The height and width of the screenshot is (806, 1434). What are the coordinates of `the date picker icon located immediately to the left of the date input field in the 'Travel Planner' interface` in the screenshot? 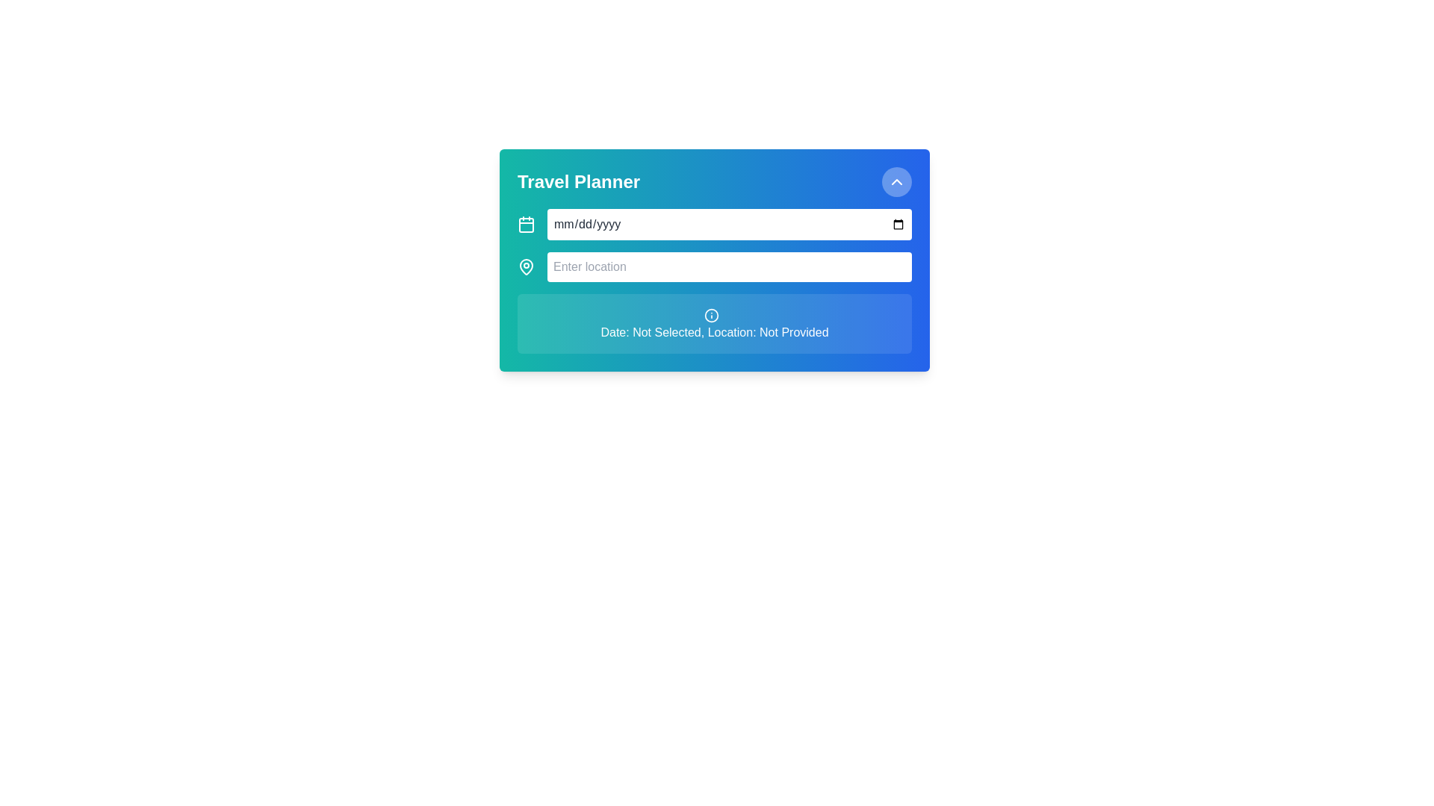 It's located at (527, 224).